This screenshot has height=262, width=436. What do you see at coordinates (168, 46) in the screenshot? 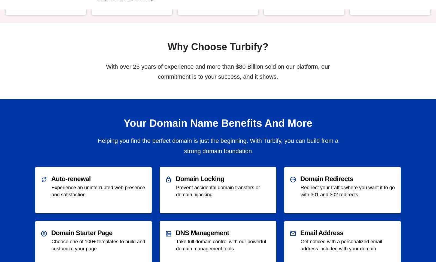
I see `'Why Choose Turbify?'` at bounding box center [168, 46].